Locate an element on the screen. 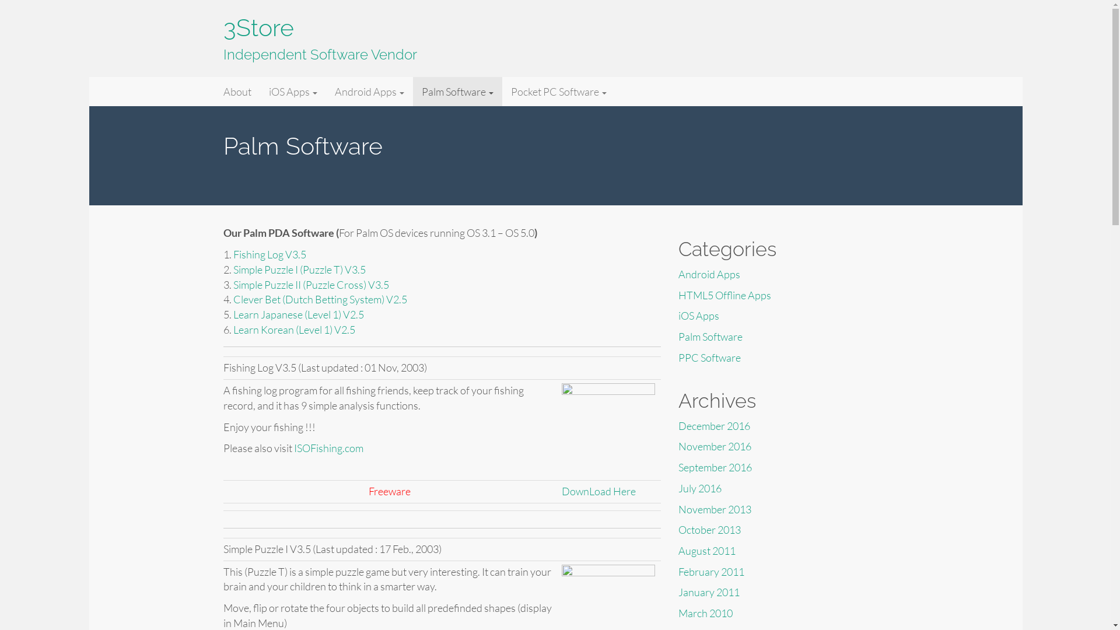 Image resolution: width=1120 pixels, height=630 pixels. 'Palm Software' is located at coordinates (709, 337).